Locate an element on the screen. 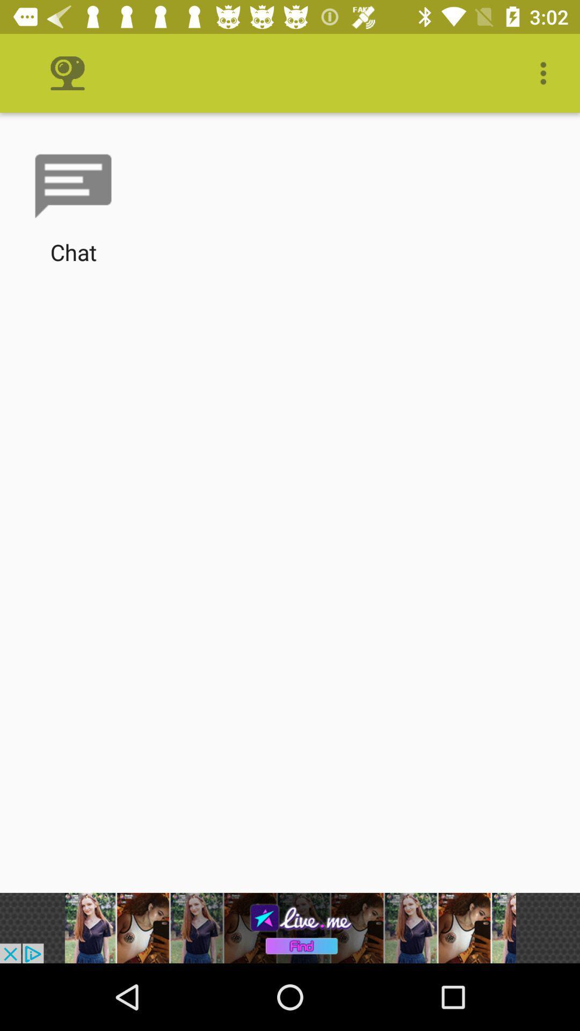 The width and height of the screenshot is (580, 1031). advertisement is located at coordinates (290, 927).